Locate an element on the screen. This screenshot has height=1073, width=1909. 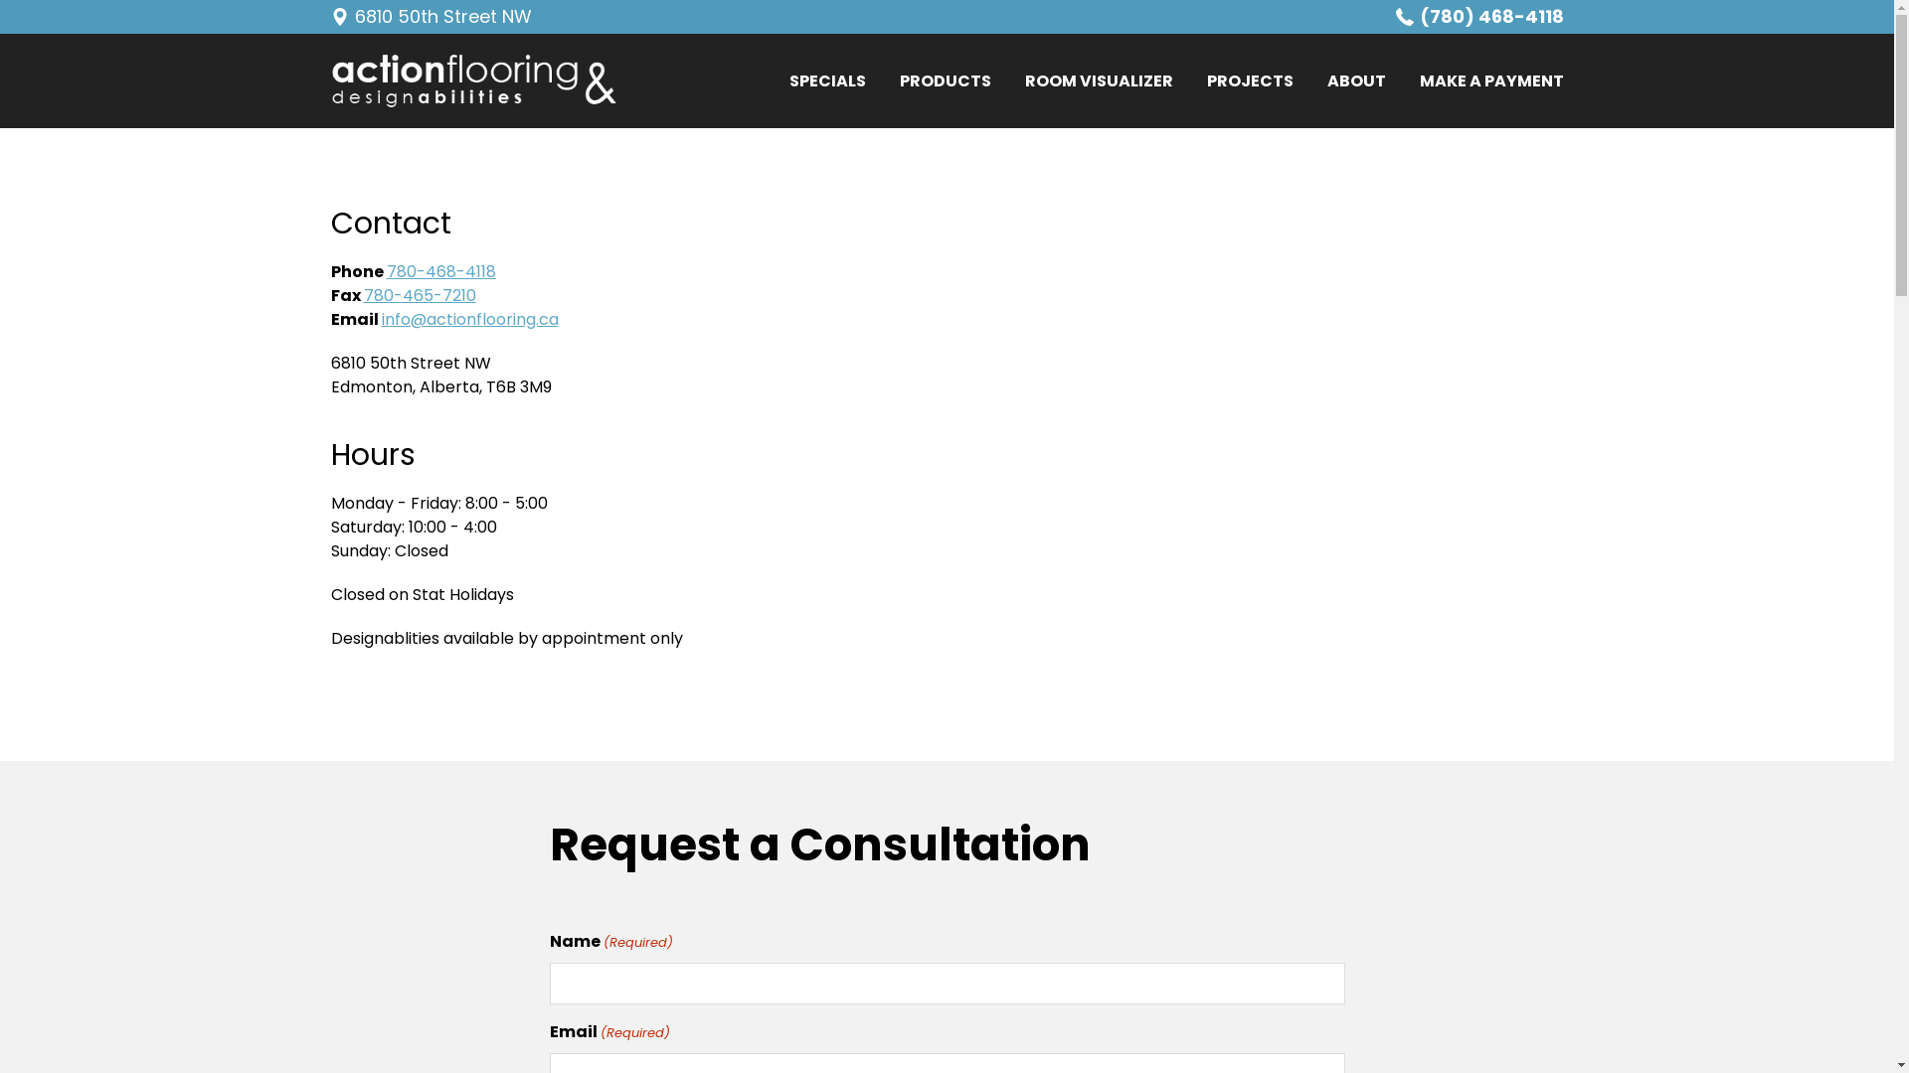
'PRODUCTS' is located at coordinates (944, 79).